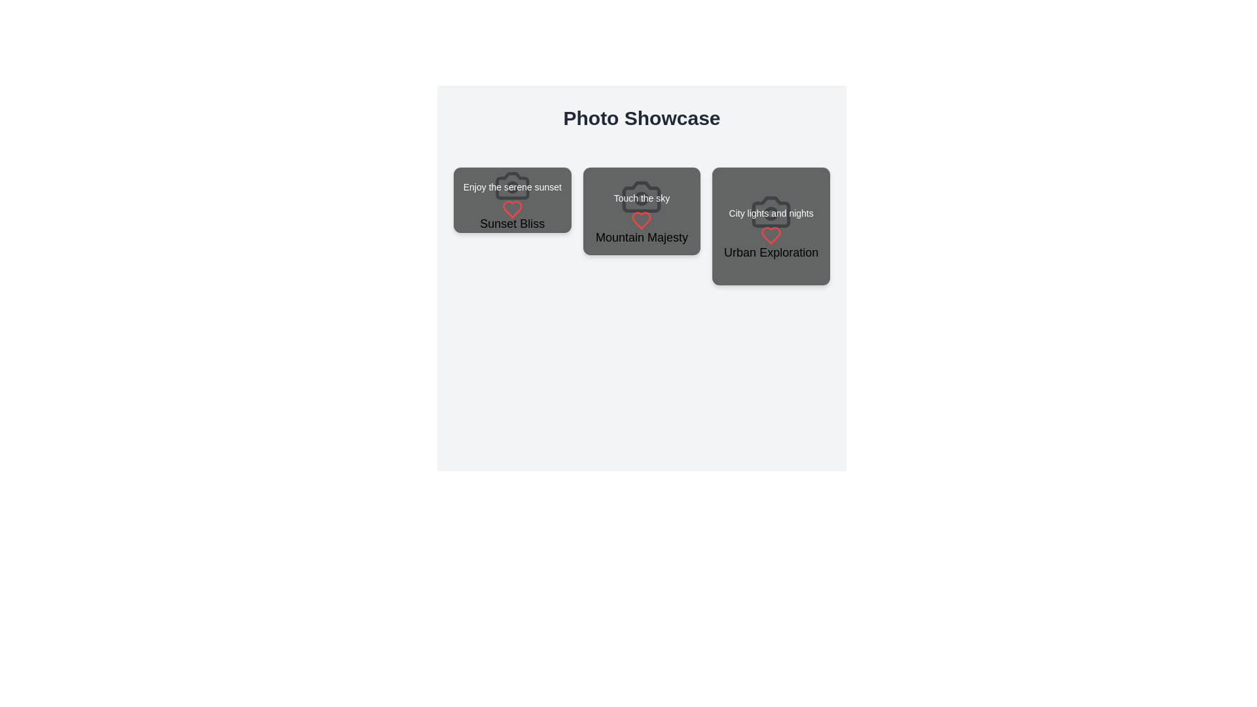 The image size is (1257, 707). Describe the element at coordinates (771, 213) in the screenshot. I see `the circular decorative SVG element that represents the lens of the camera icon in the 'Urban Exploration' section, specifically under 'City lights and nights'` at that location.